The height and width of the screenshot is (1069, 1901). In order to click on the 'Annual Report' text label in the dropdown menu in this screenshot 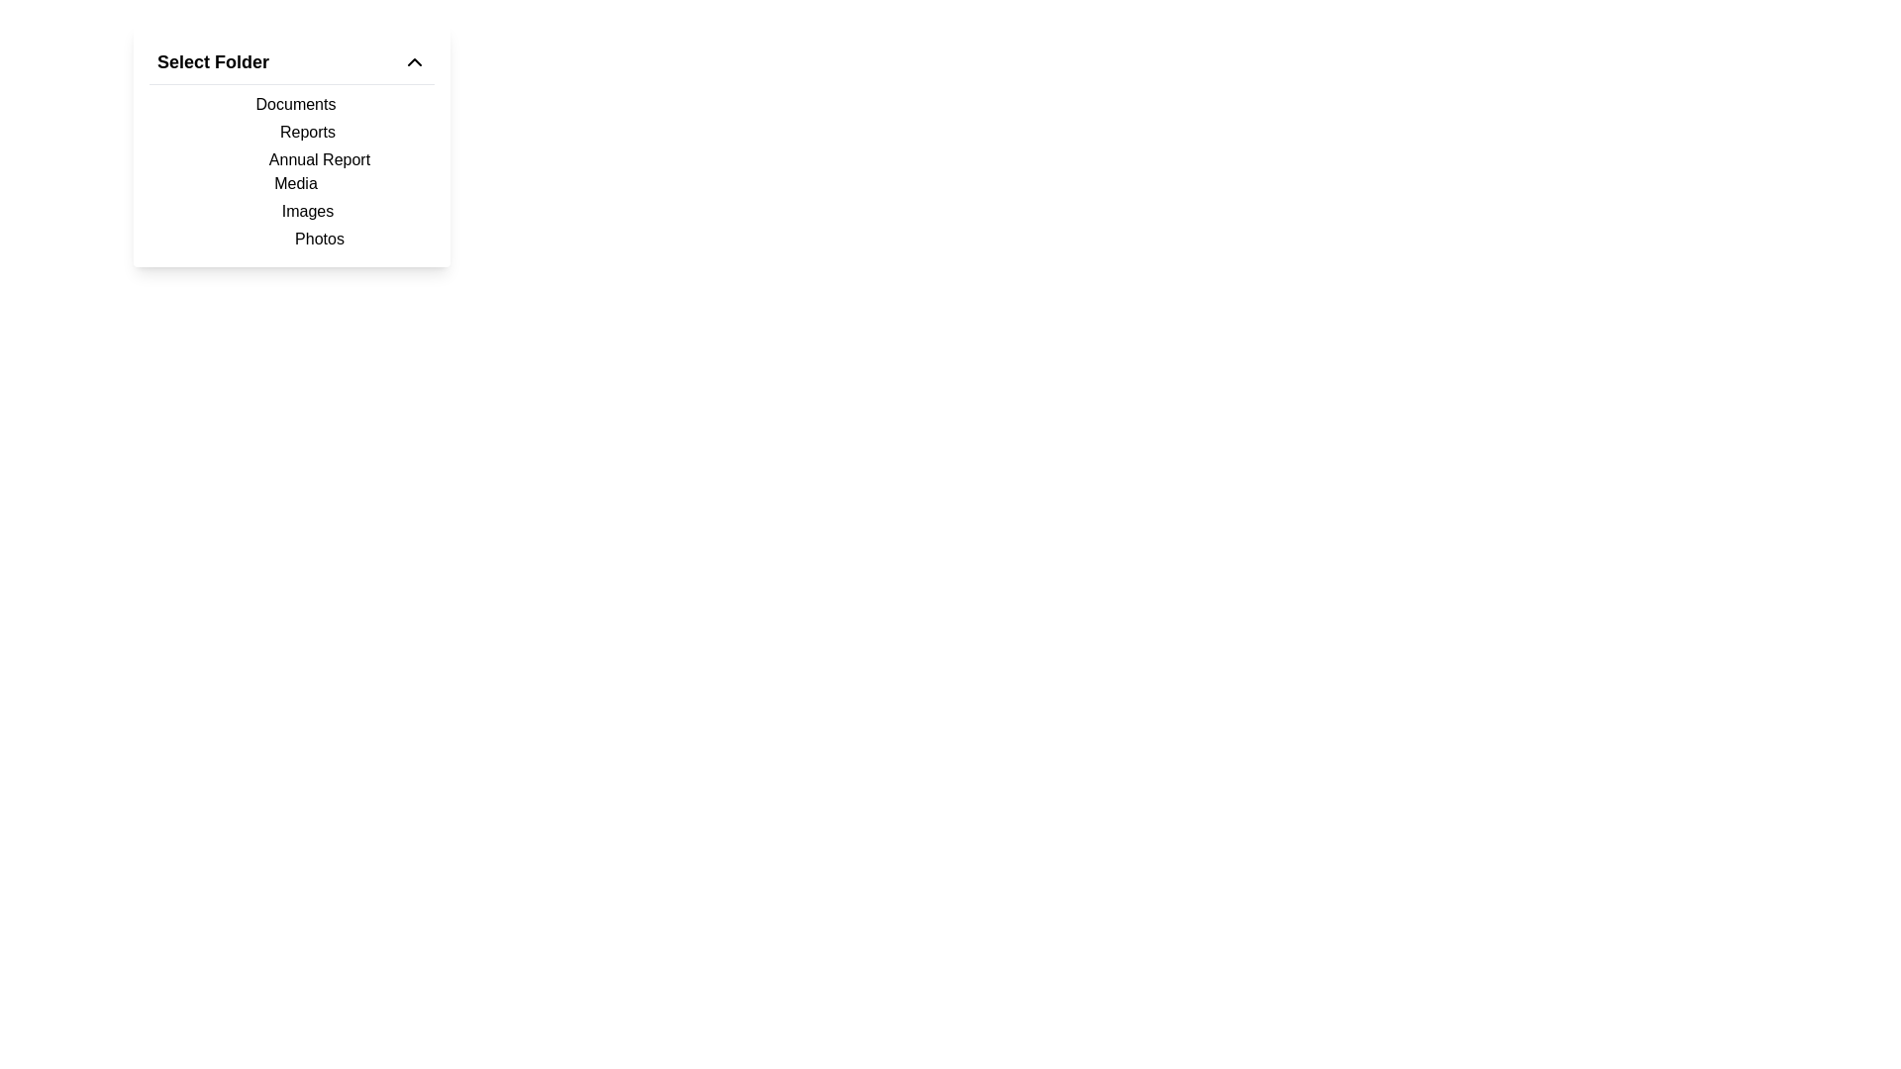, I will do `click(307, 156)`.